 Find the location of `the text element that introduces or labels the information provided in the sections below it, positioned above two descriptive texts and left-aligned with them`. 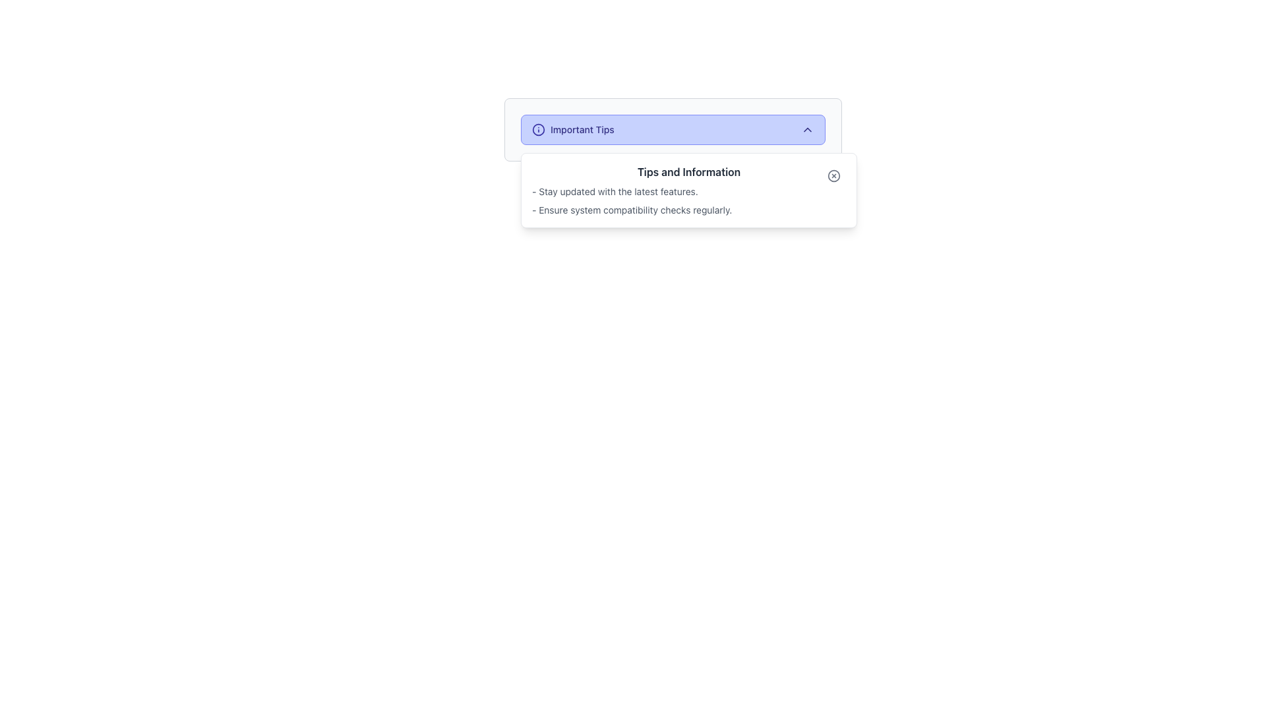

the text element that introduces or labels the information provided in the sections below it, positioned above two descriptive texts and left-aligned with them is located at coordinates (688, 171).